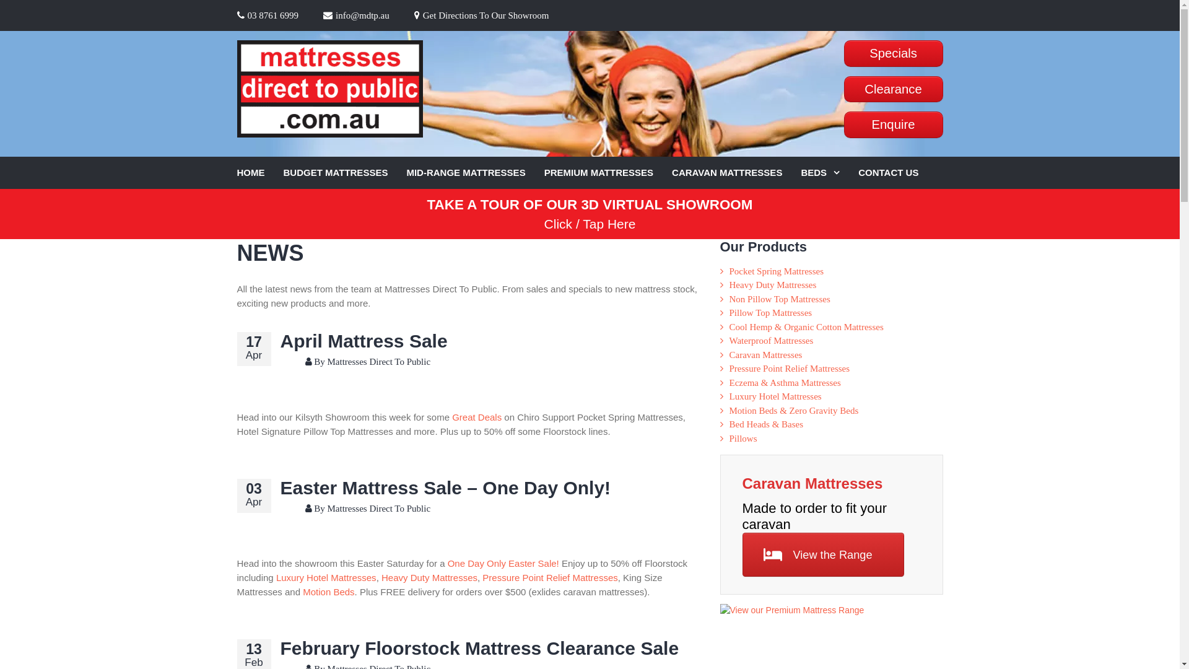  What do you see at coordinates (355, 15) in the screenshot?
I see `'info@mdtp.au'` at bounding box center [355, 15].